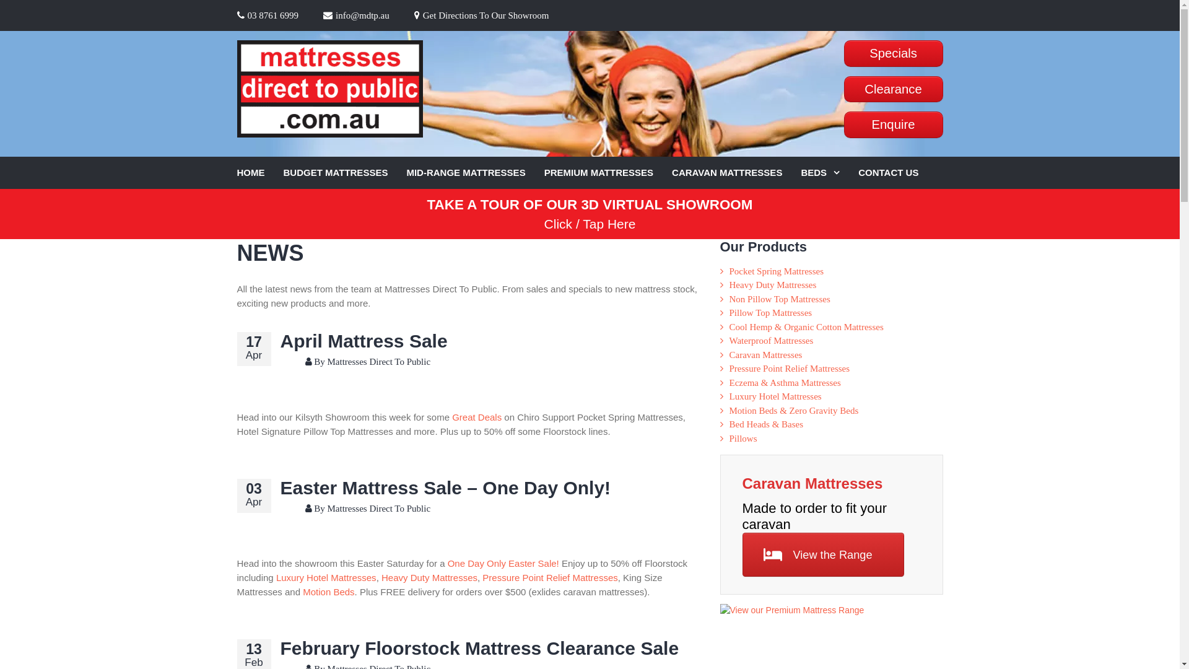  What do you see at coordinates (355, 15) in the screenshot?
I see `'info@mdtp.au'` at bounding box center [355, 15].